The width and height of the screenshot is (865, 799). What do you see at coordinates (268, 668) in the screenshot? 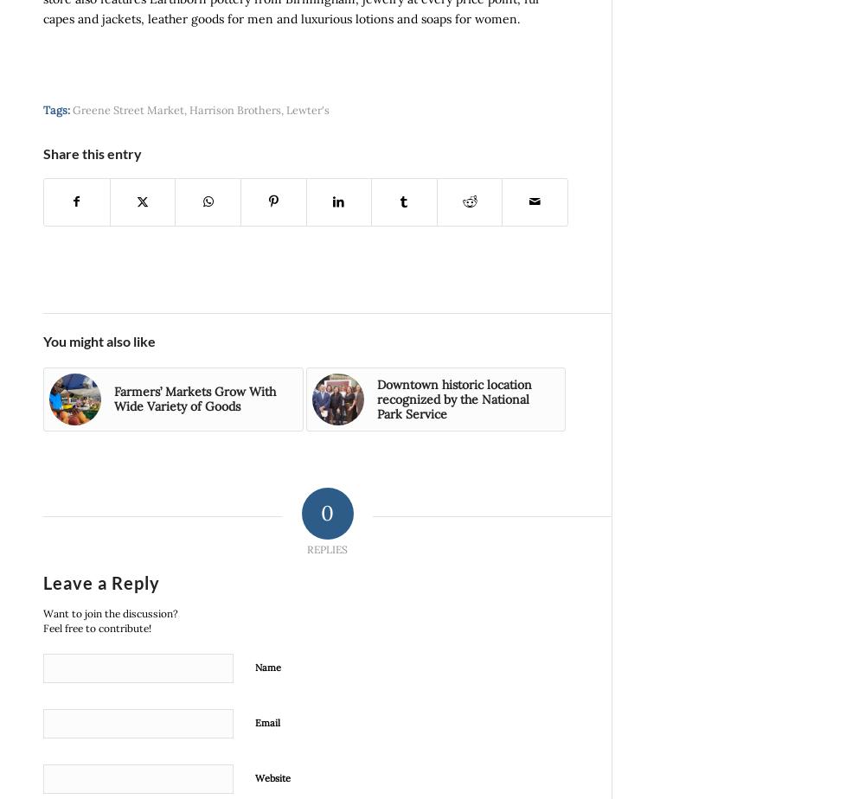
I see `'Name'` at bounding box center [268, 668].